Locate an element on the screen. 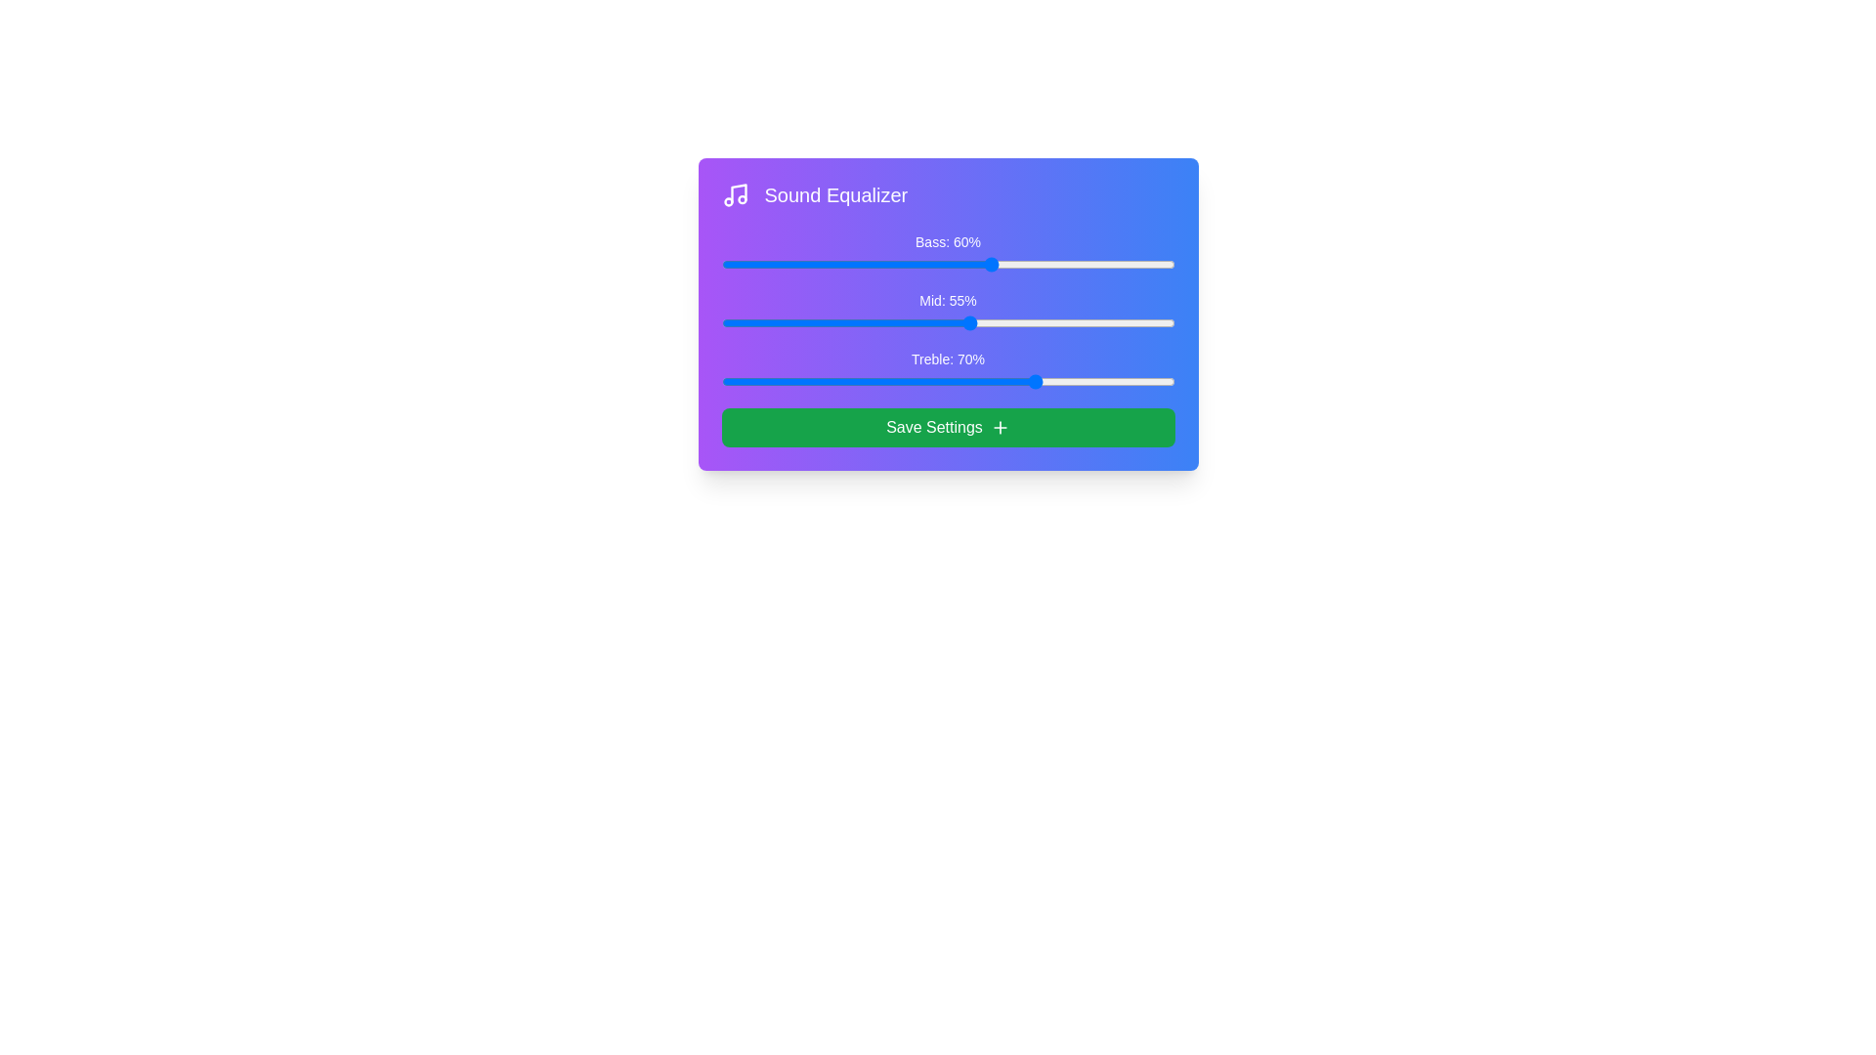 Image resolution: width=1876 pixels, height=1055 pixels. the Treble slider to 70% is located at coordinates (1038, 381).